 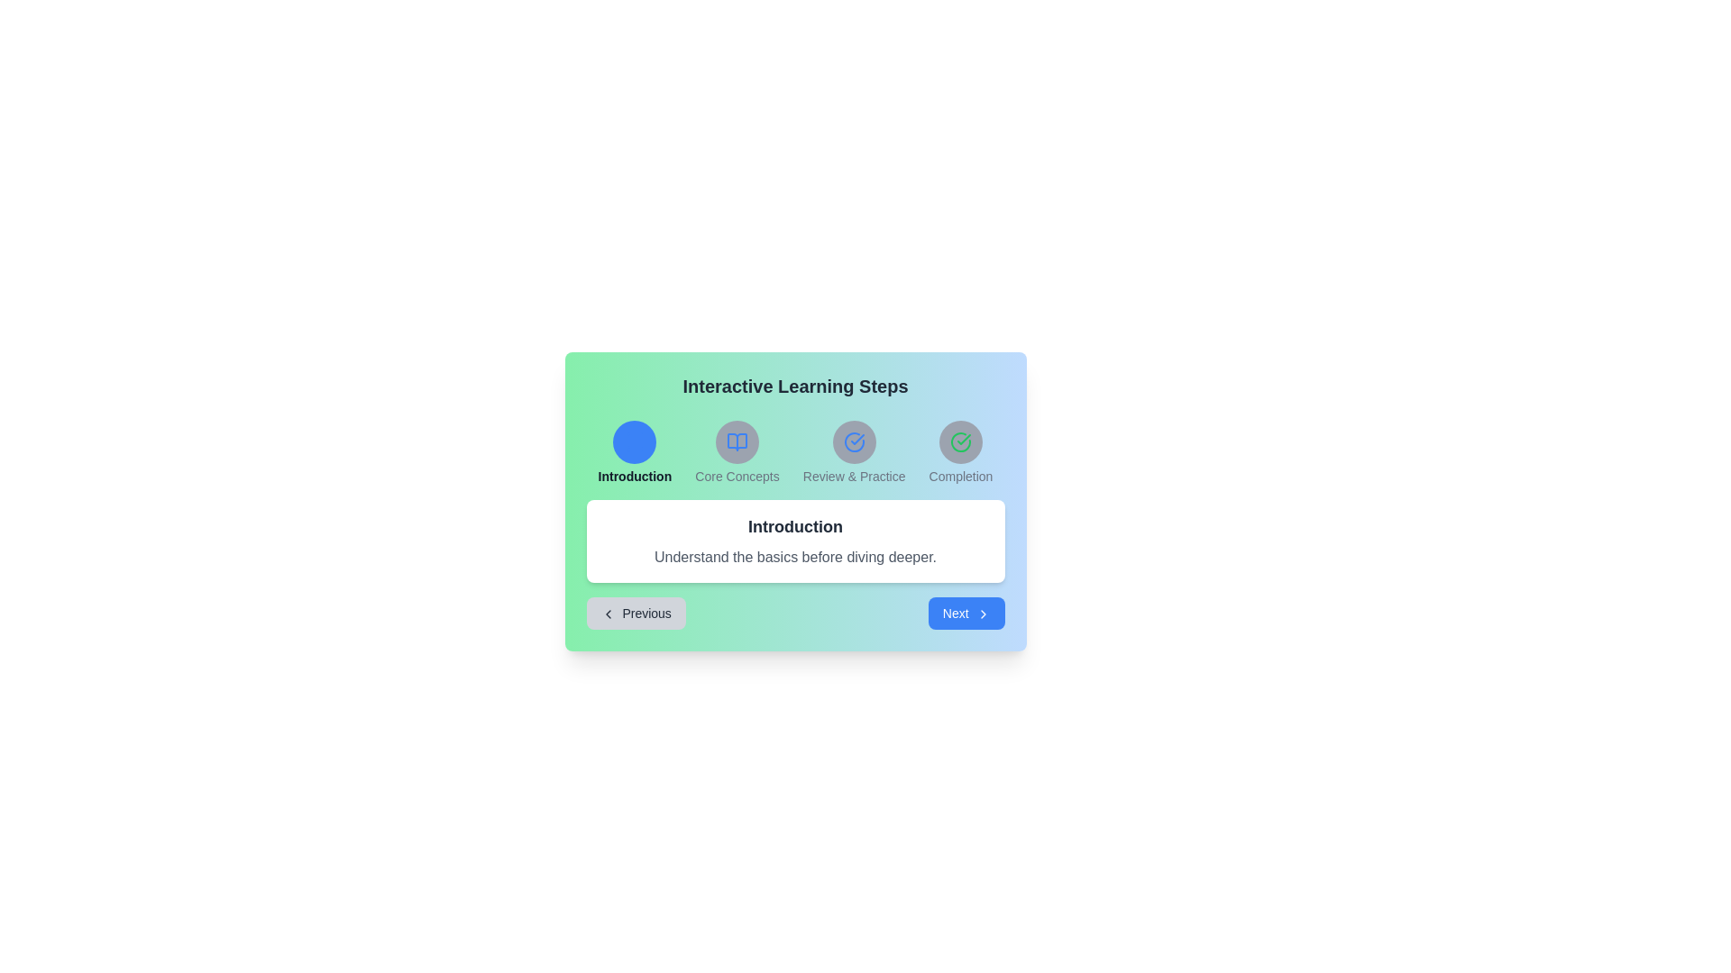 I want to click on the 'Introduction' book icon, which is the first icon in a row of four icons representing step markers in the learning process, so click(x=635, y=441).